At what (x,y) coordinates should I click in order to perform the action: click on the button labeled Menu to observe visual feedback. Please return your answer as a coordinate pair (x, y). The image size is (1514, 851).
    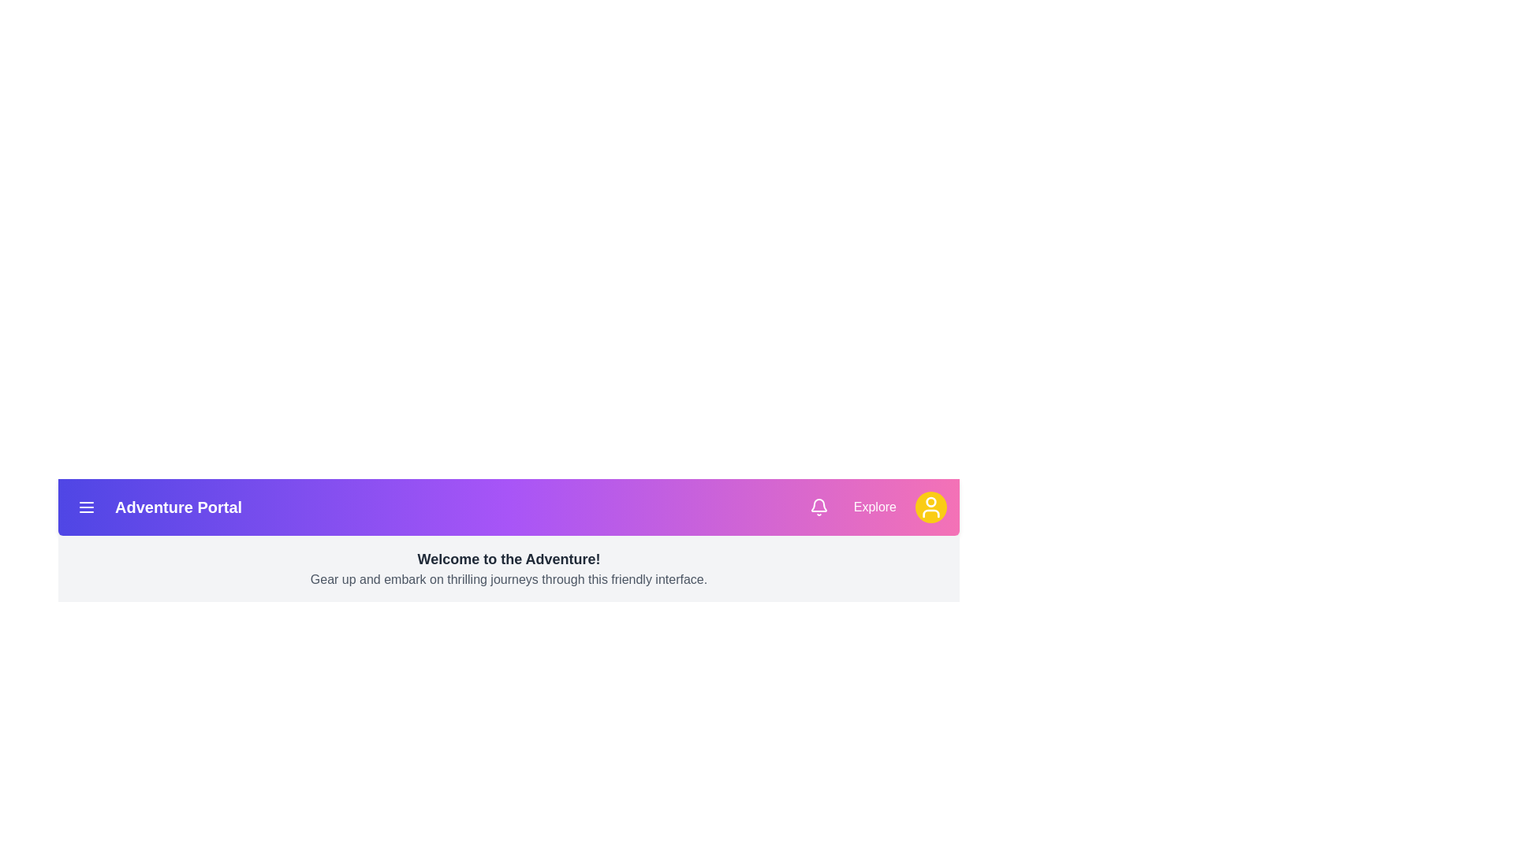
    Looking at the image, I should click on (86, 507).